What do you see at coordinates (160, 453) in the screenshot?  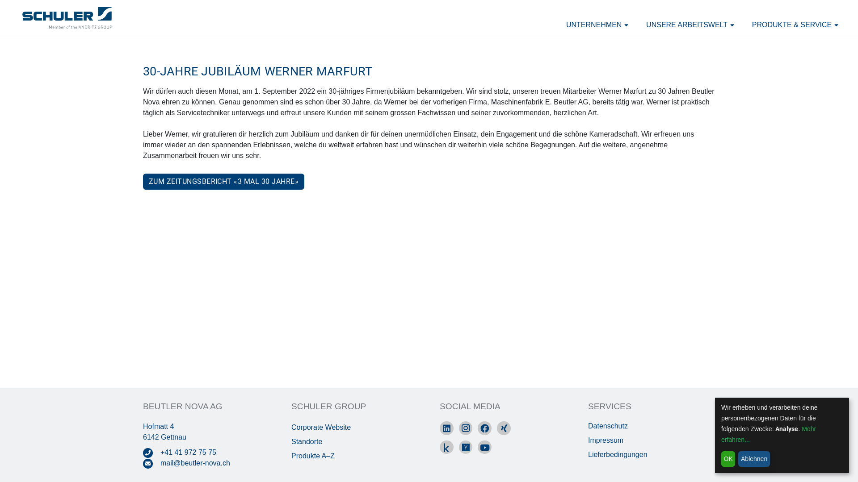 I see `'+41 41 972 75 75'` at bounding box center [160, 453].